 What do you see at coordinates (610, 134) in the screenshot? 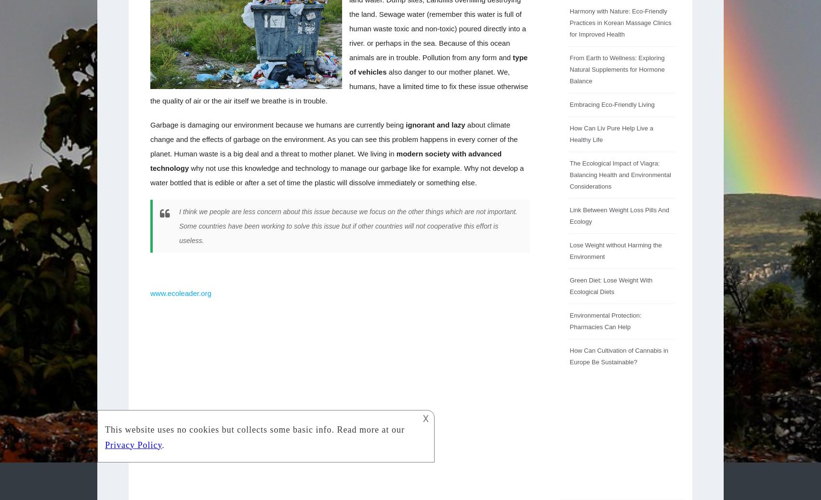
I see `'How Can Liv Pure Help Live a Healthy Life'` at bounding box center [610, 134].